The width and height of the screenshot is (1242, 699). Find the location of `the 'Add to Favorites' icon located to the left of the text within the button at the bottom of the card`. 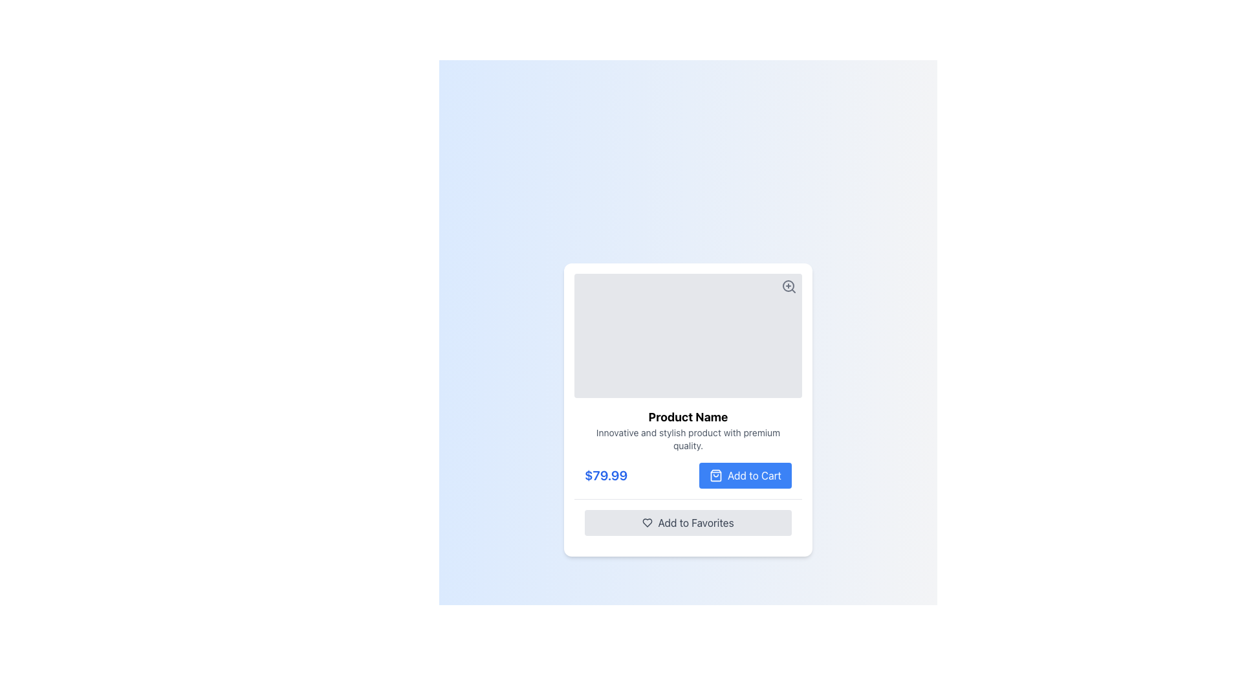

the 'Add to Favorites' icon located to the left of the text within the button at the bottom of the card is located at coordinates (648, 522).